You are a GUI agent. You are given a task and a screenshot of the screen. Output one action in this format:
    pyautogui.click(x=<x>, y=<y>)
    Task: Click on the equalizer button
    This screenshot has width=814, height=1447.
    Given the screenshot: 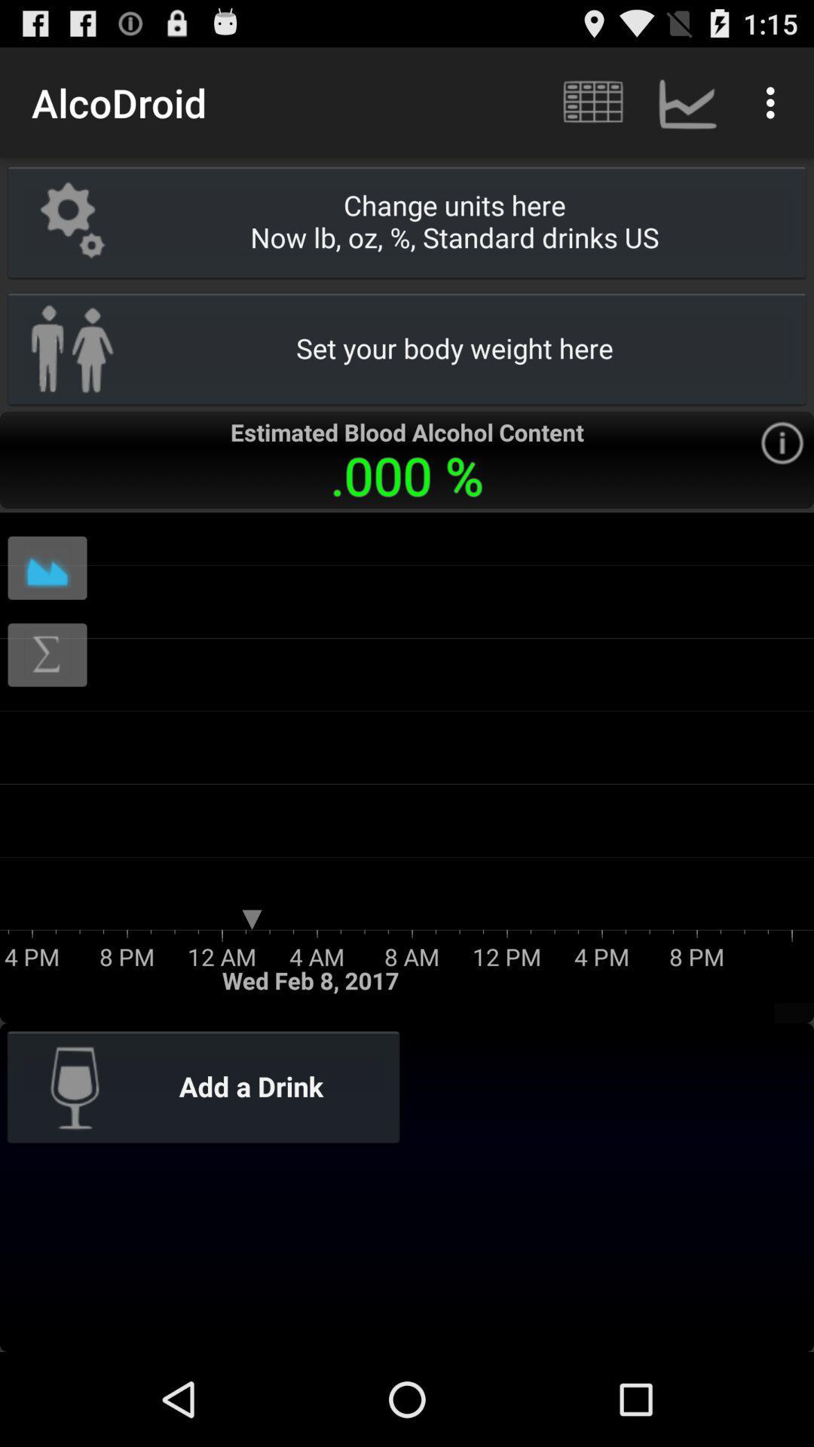 What is the action you would take?
    pyautogui.click(x=46, y=567)
    